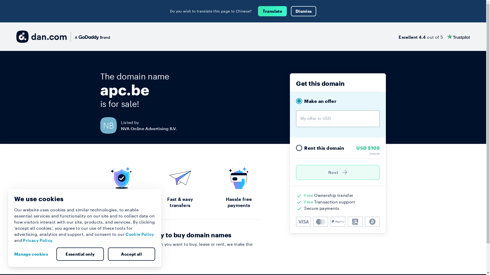  I want to click on 'Essential only', so click(80, 254).